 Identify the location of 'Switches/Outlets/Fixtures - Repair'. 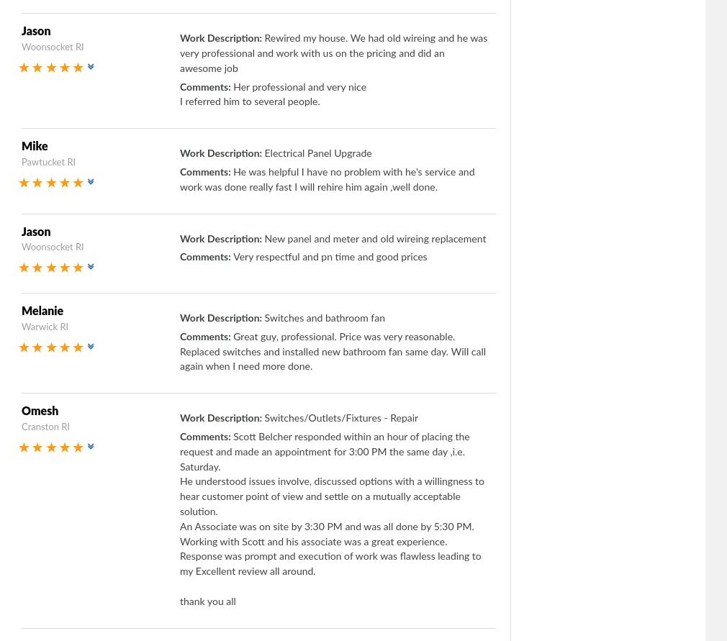
(340, 419).